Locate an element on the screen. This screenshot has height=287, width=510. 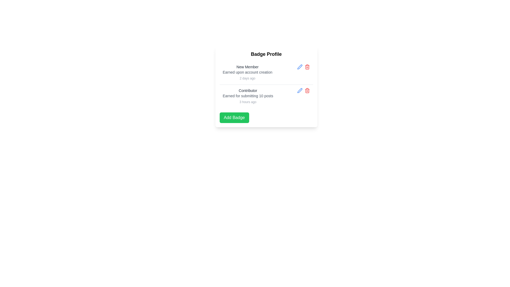
the text label that reads 'Earned for submitting 10 posts', which is styled in a small gray font and positioned below the header 'Contributor' and above the timestamp '3 hours ago' is located at coordinates (248, 96).